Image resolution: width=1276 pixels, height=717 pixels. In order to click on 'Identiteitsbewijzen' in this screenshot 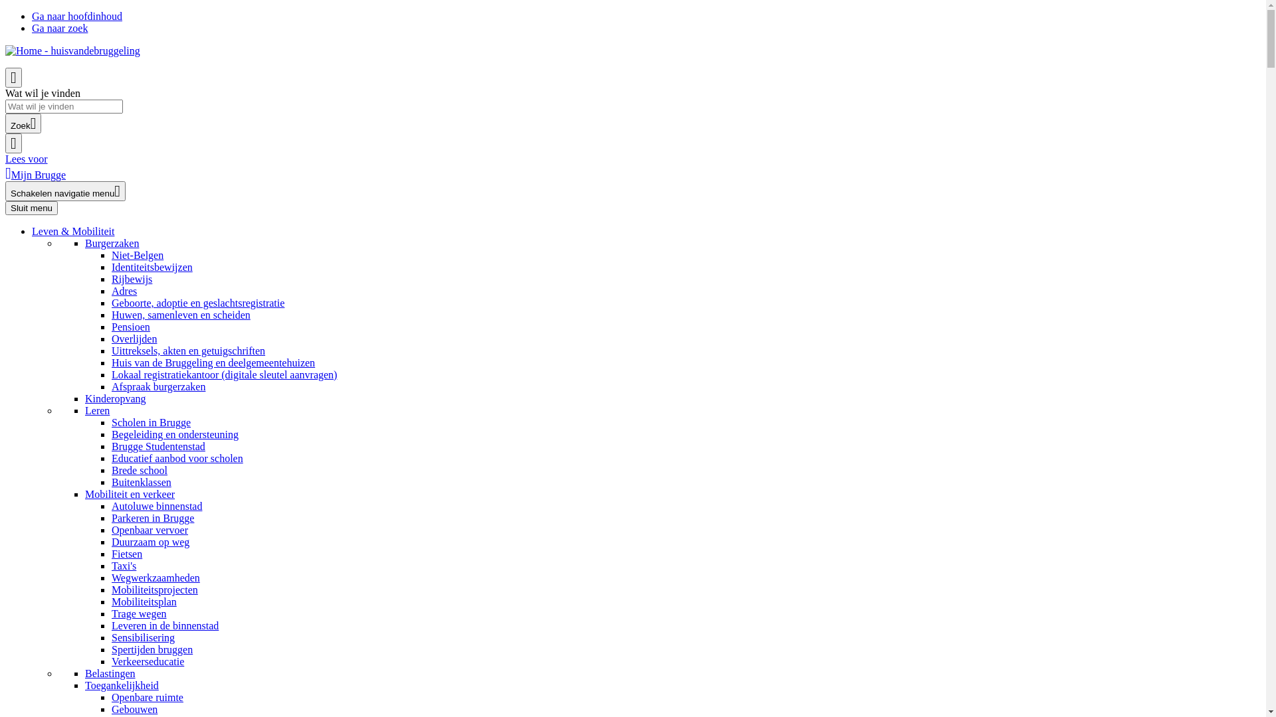, I will do `click(152, 267)`.